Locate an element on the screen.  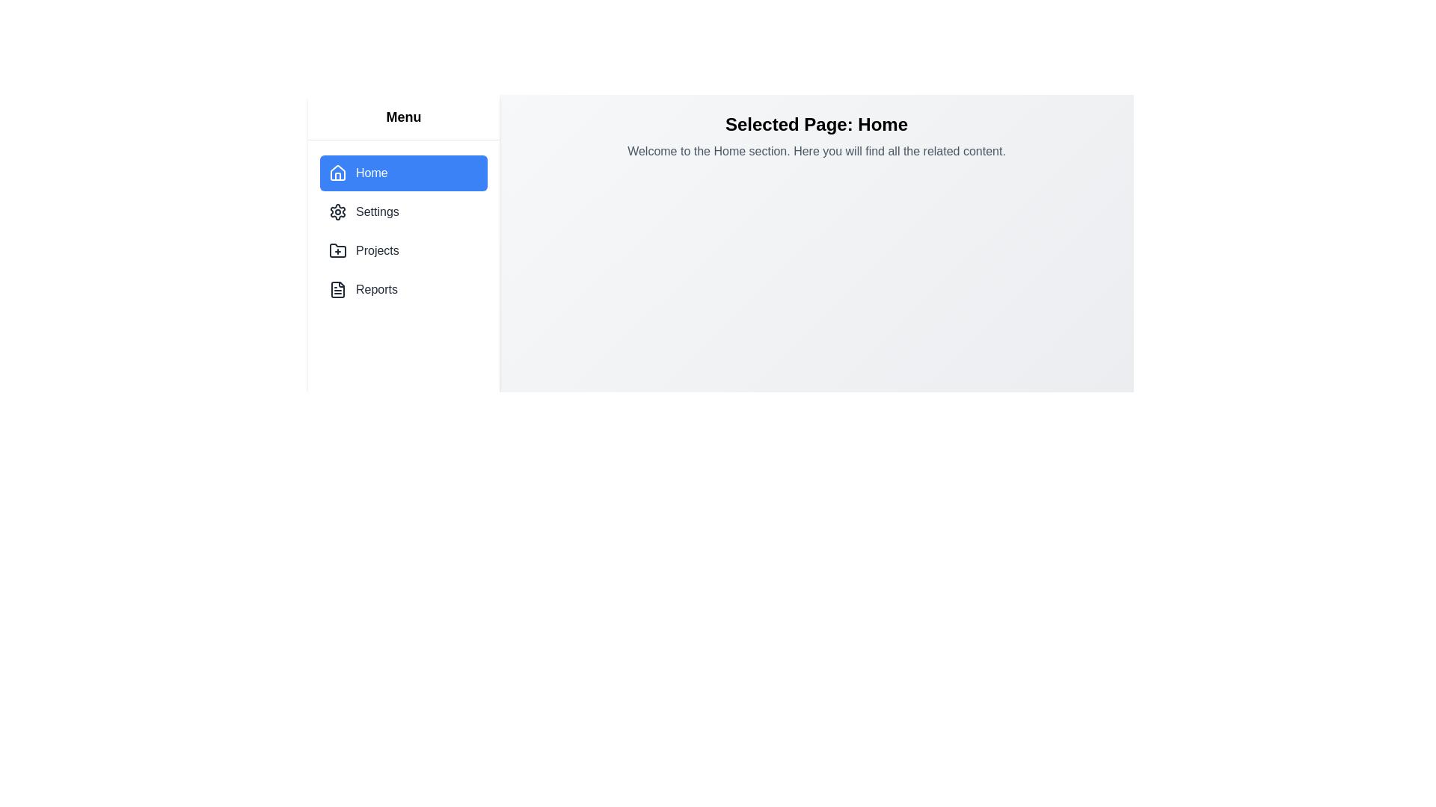
the 'Home' section text label in the navigation menu, which is a non-interactive descriptive component aligned to the right of the icon is located at coordinates (372, 172).